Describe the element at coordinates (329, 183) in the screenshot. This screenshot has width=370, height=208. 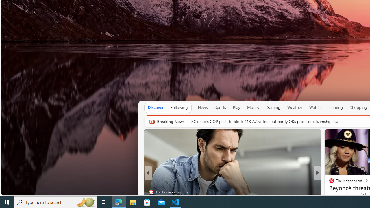
I see `'Yardbarker'` at that location.